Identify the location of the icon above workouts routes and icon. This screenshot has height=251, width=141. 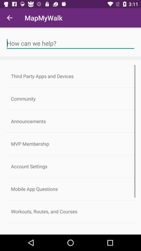
(70, 189).